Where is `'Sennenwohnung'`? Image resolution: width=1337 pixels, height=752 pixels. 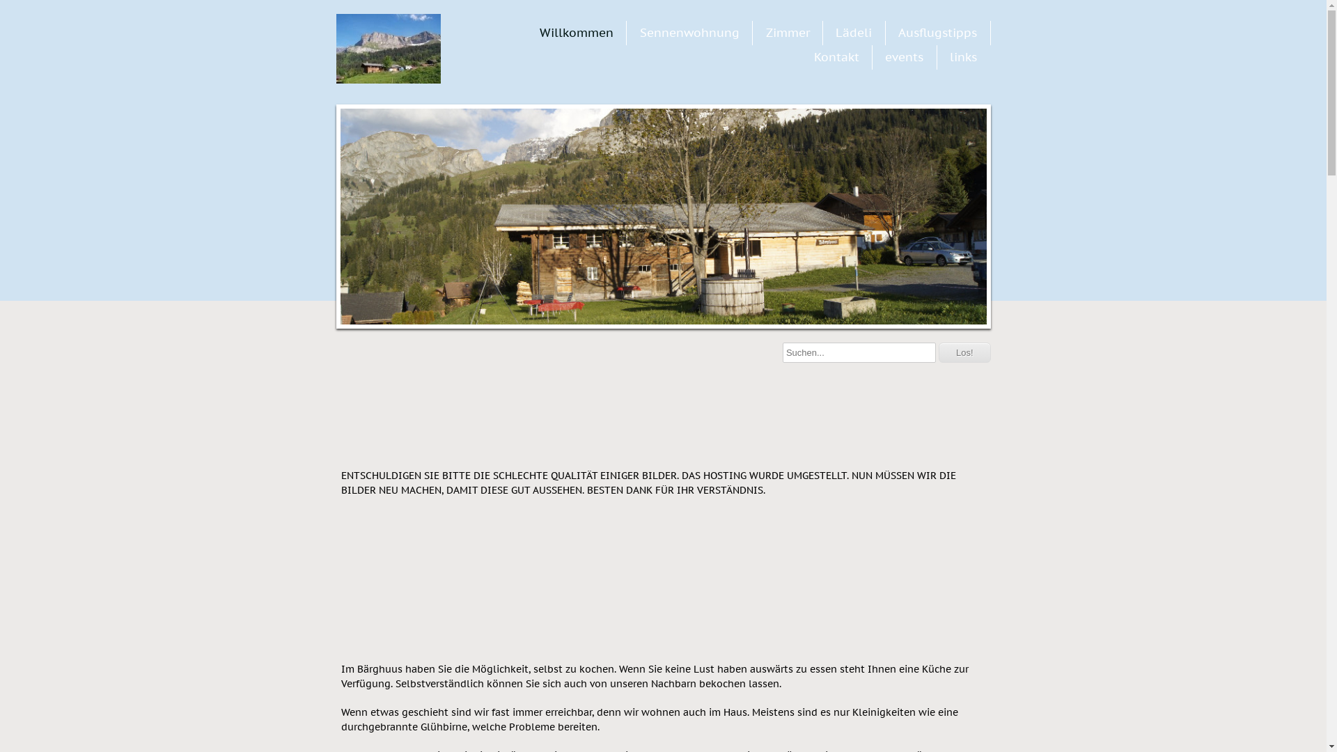 'Sennenwohnung' is located at coordinates (689, 31).